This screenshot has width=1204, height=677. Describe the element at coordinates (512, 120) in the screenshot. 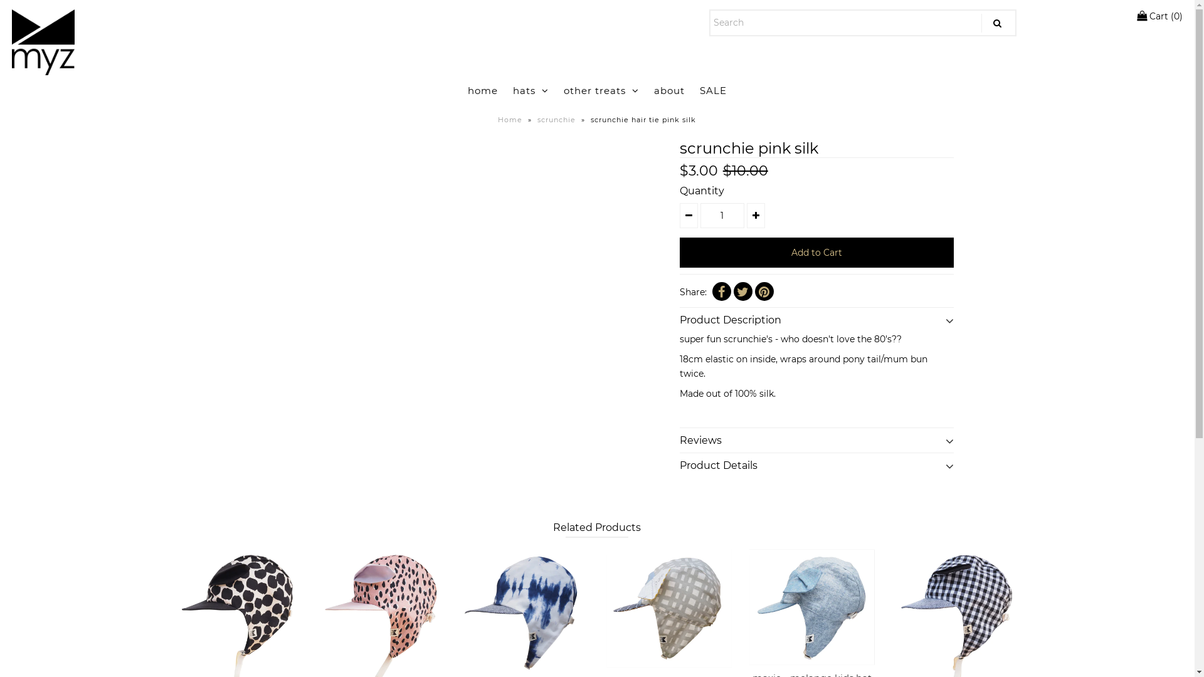

I see `'Home'` at that location.